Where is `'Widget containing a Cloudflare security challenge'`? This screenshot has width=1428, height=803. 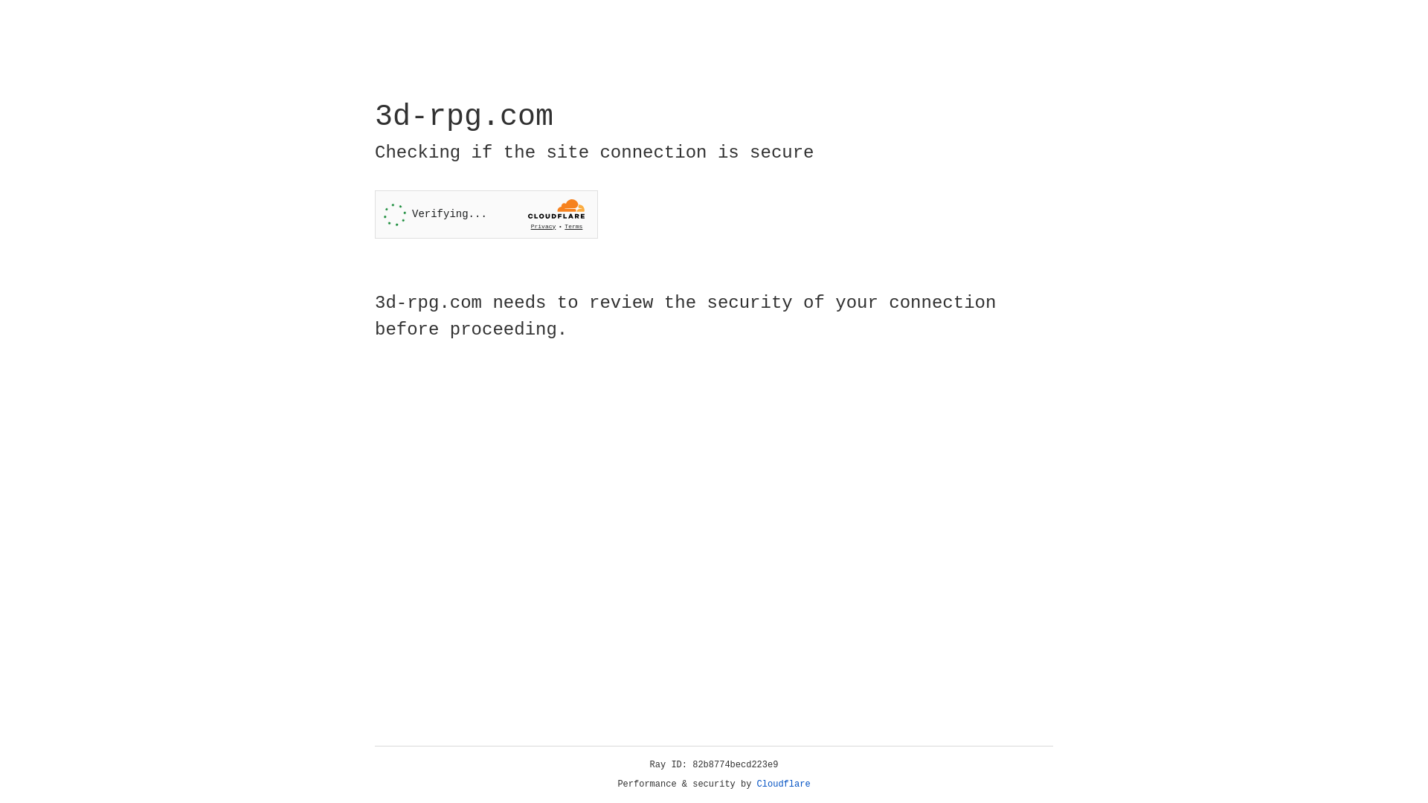
'Widget containing a Cloudflare security challenge' is located at coordinates (486, 214).